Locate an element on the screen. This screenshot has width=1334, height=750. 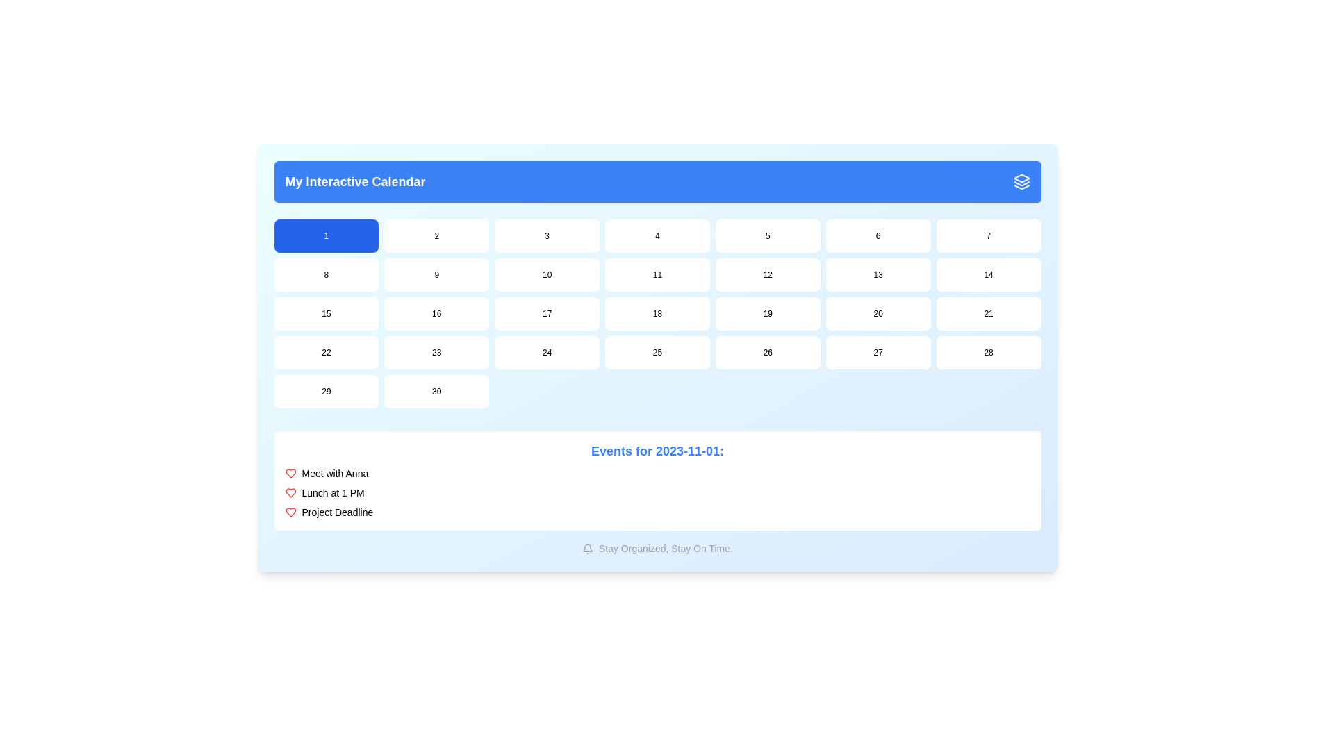
Text Label that serves as a heading for the list of events, providing date context for the listed events is located at coordinates (657, 451).